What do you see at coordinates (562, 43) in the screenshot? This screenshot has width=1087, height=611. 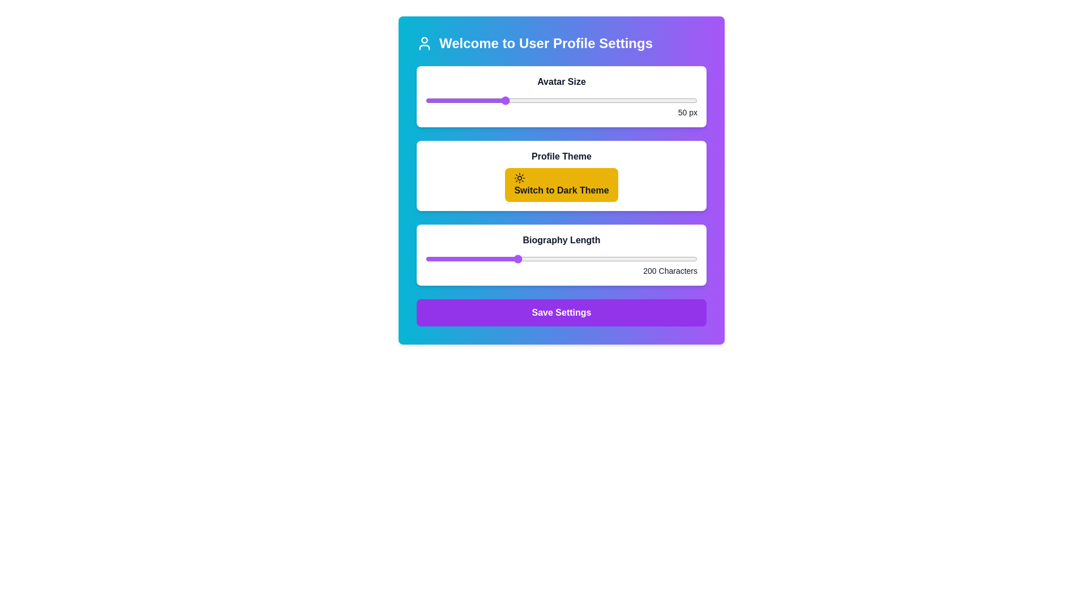 I see `the 'Welcome to User Profile Settings' heading with user icon, which is styled in large, bold font and located at the top of the card, centered within a vibrant gradient background` at bounding box center [562, 43].